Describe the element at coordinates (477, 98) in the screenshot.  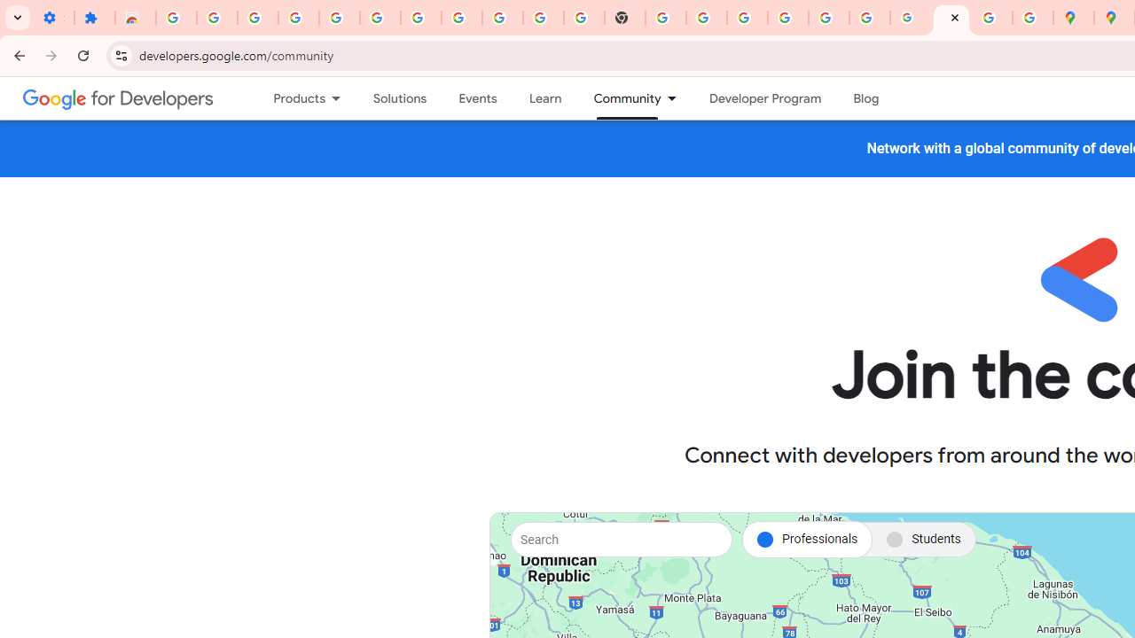
I see `'Events'` at that location.